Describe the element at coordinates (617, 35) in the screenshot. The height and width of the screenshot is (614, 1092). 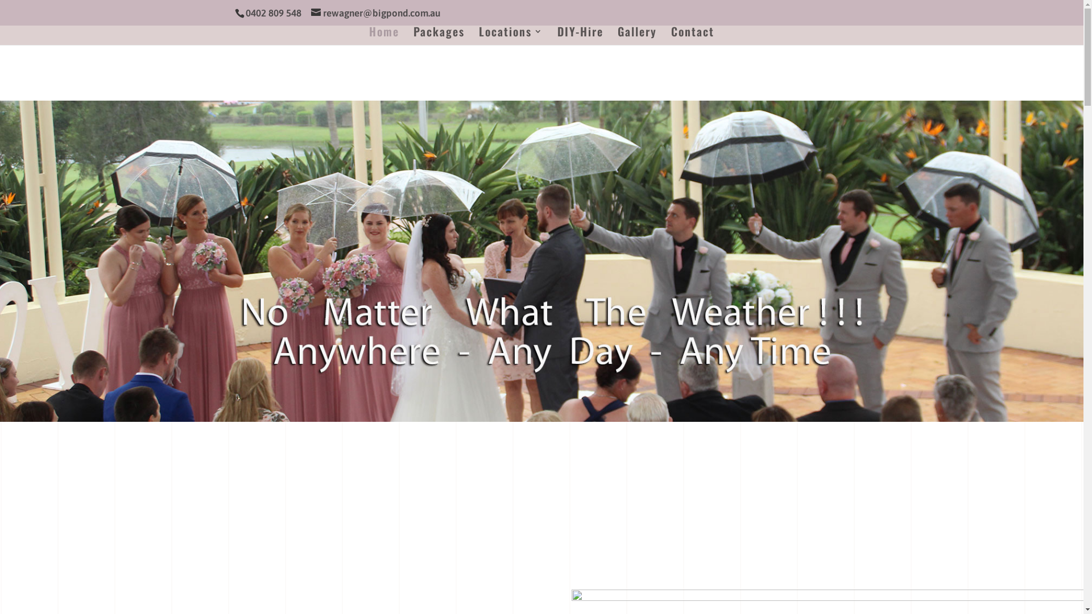
I see `'Gallery'` at that location.